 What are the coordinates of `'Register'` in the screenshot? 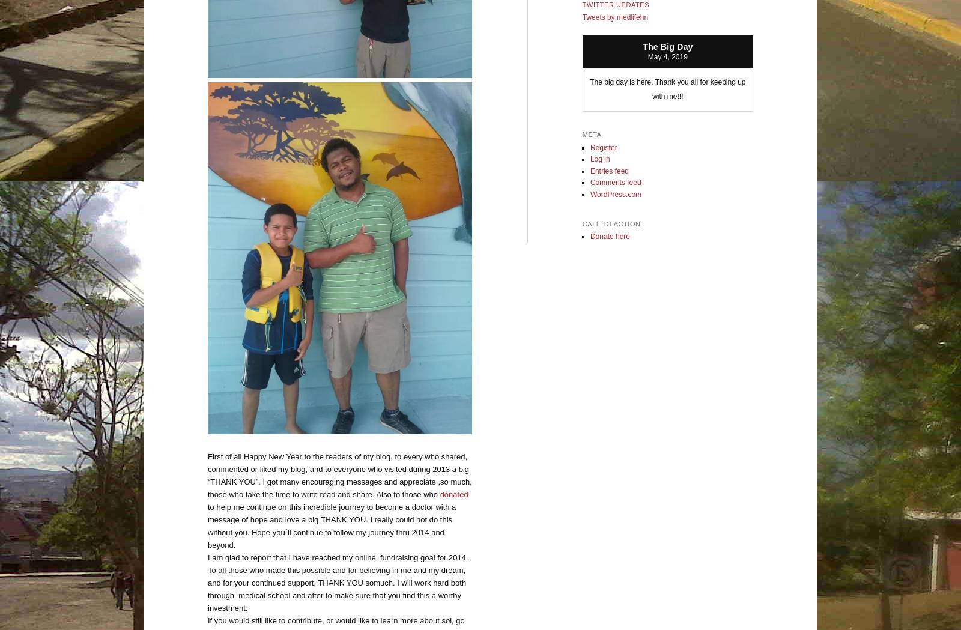 It's located at (603, 147).